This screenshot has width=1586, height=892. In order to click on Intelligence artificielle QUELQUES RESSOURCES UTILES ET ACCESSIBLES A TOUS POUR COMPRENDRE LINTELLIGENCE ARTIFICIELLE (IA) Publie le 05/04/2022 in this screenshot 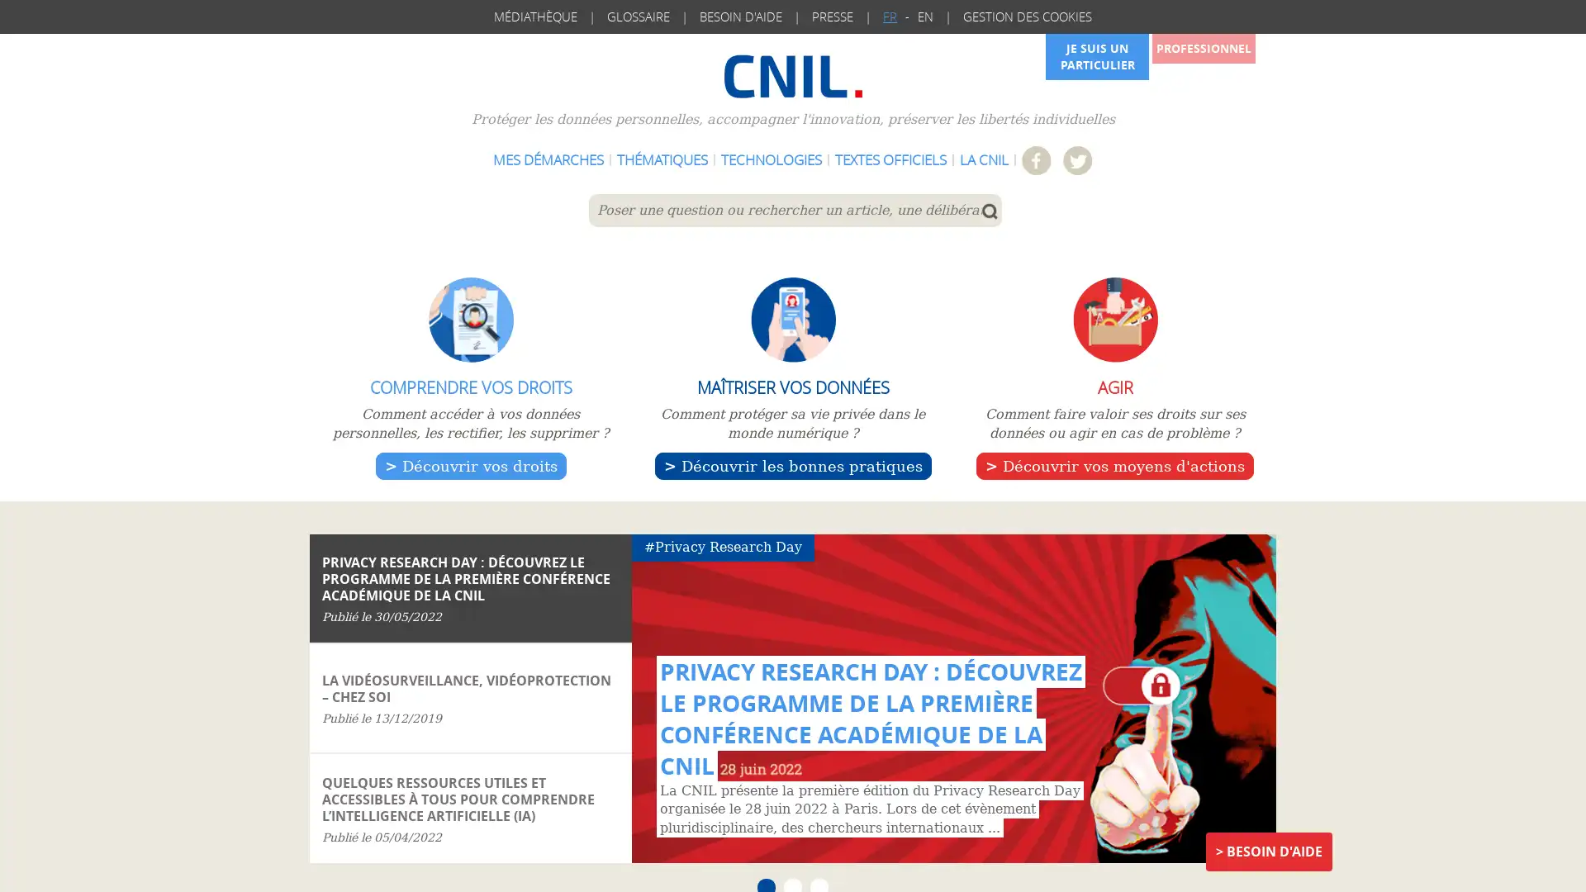, I will do `click(470, 807)`.